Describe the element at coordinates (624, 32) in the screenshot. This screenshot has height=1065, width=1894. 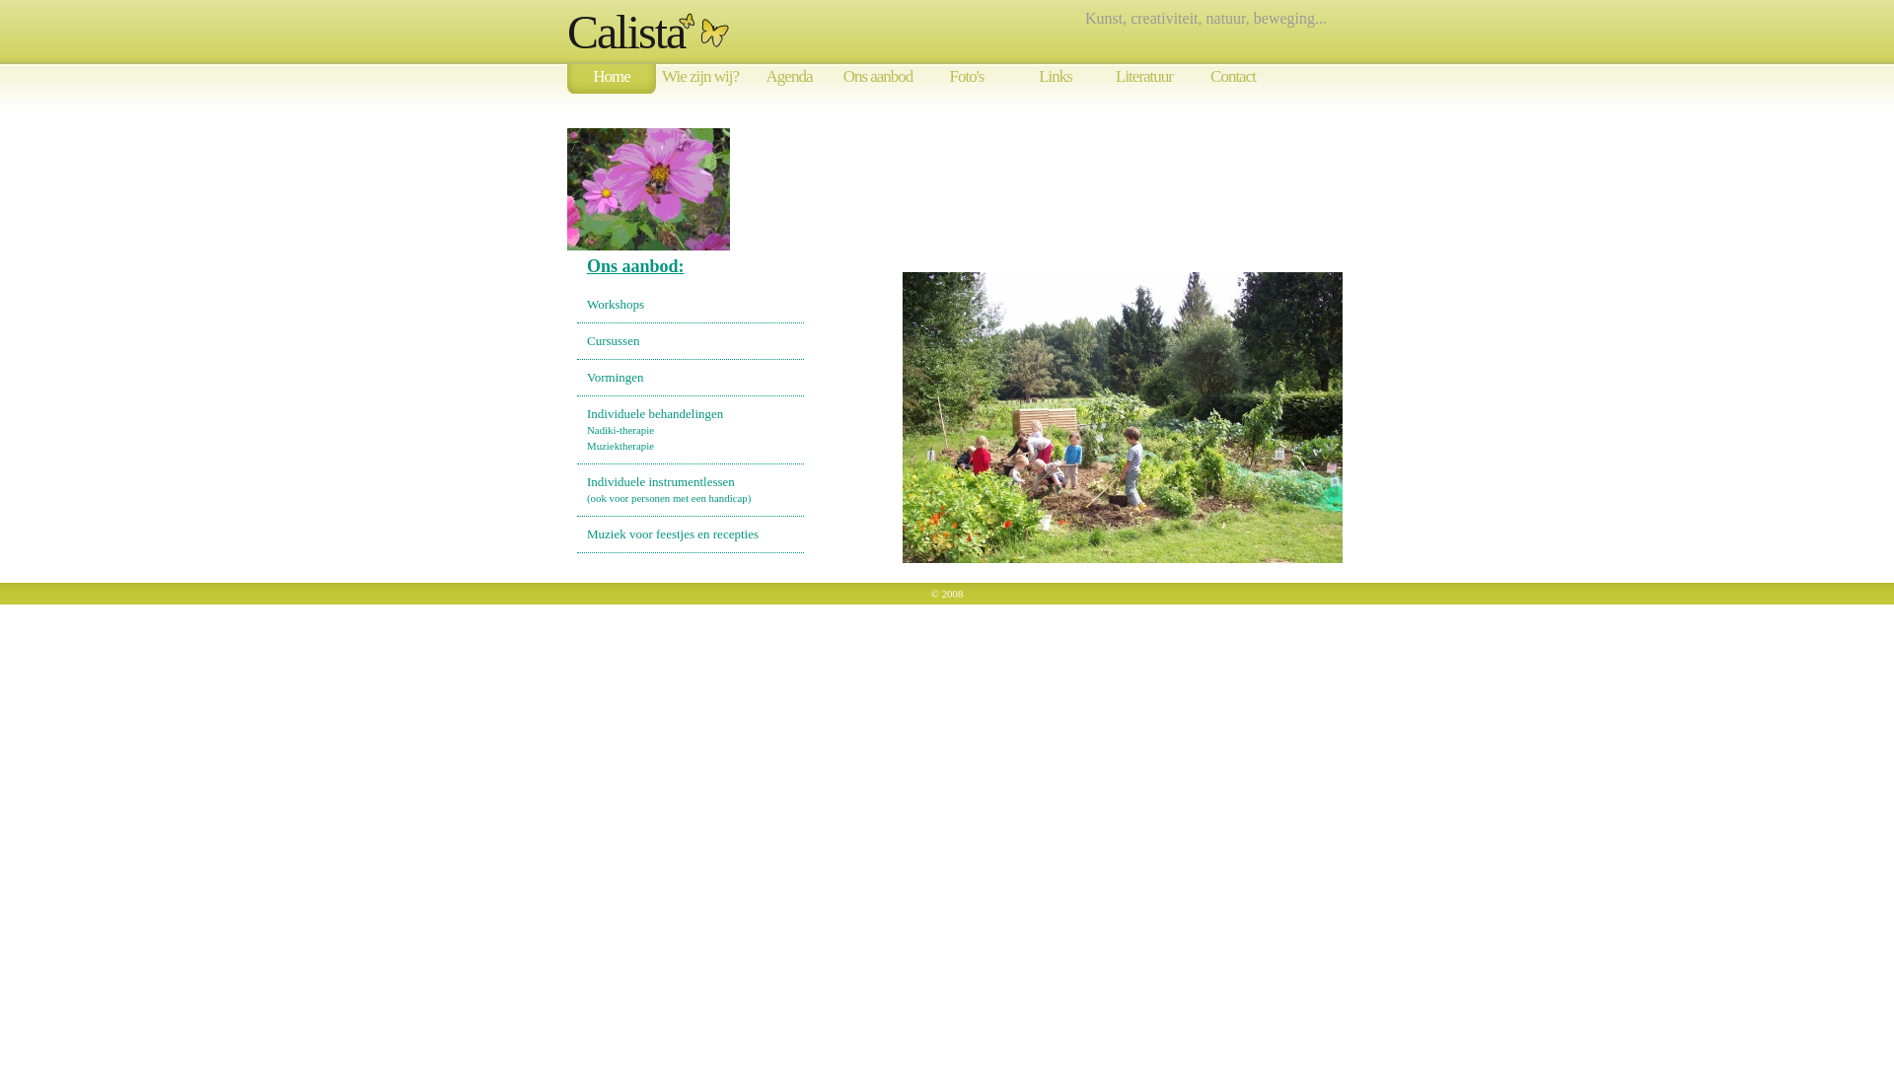
I see `'Calista'` at that location.